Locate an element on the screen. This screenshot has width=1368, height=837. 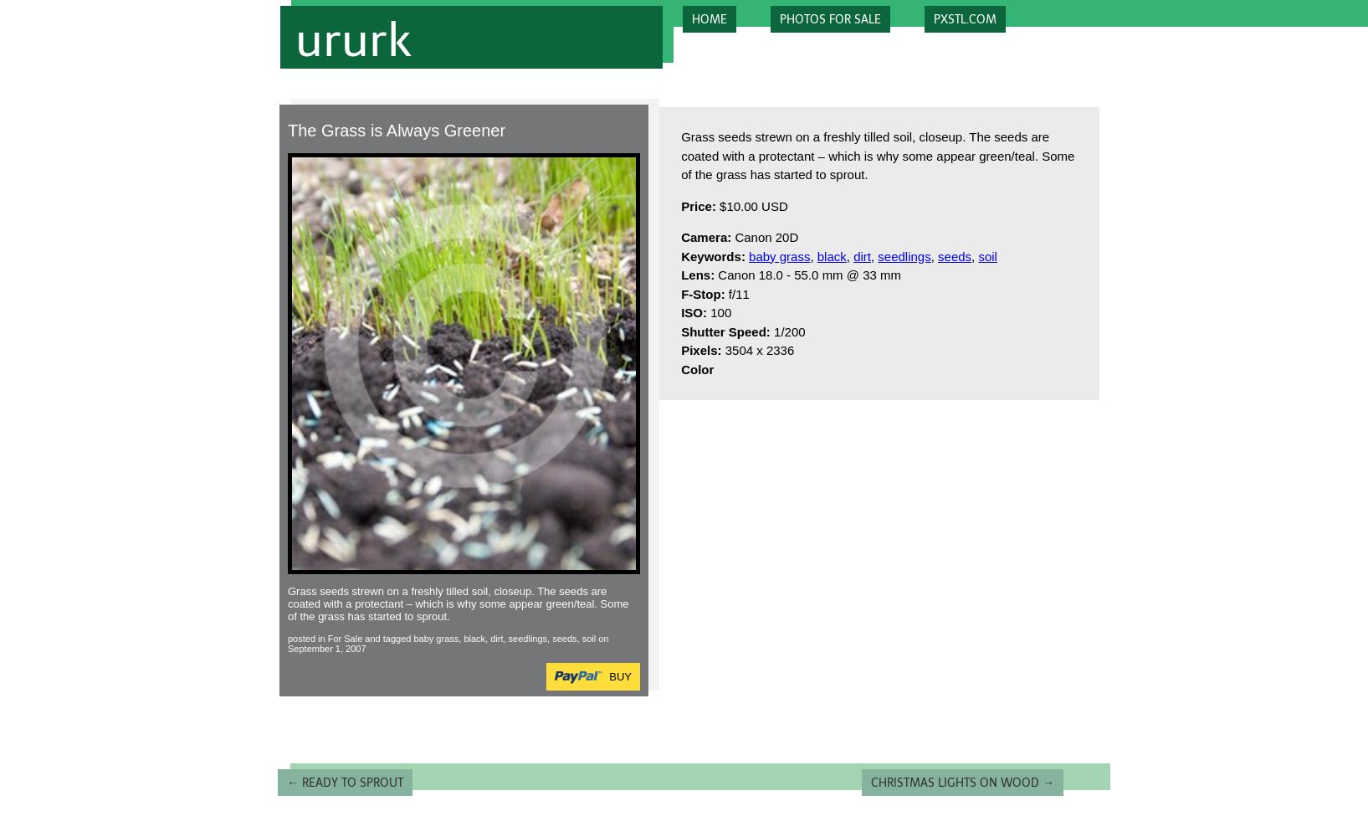
'ISO:' is located at coordinates (694, 311).